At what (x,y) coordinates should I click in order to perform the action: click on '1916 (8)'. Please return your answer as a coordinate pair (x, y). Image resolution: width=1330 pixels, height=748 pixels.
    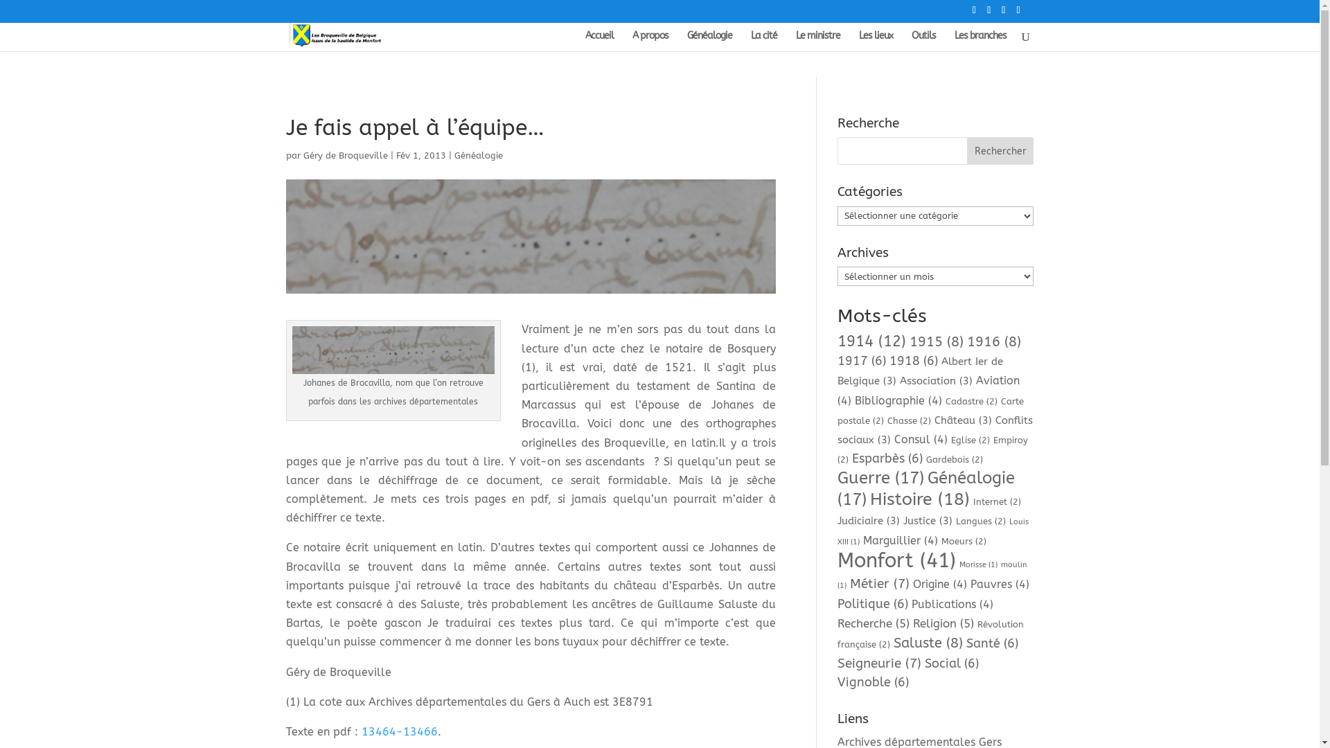
    Looking at the image, I should click on (993, 341).